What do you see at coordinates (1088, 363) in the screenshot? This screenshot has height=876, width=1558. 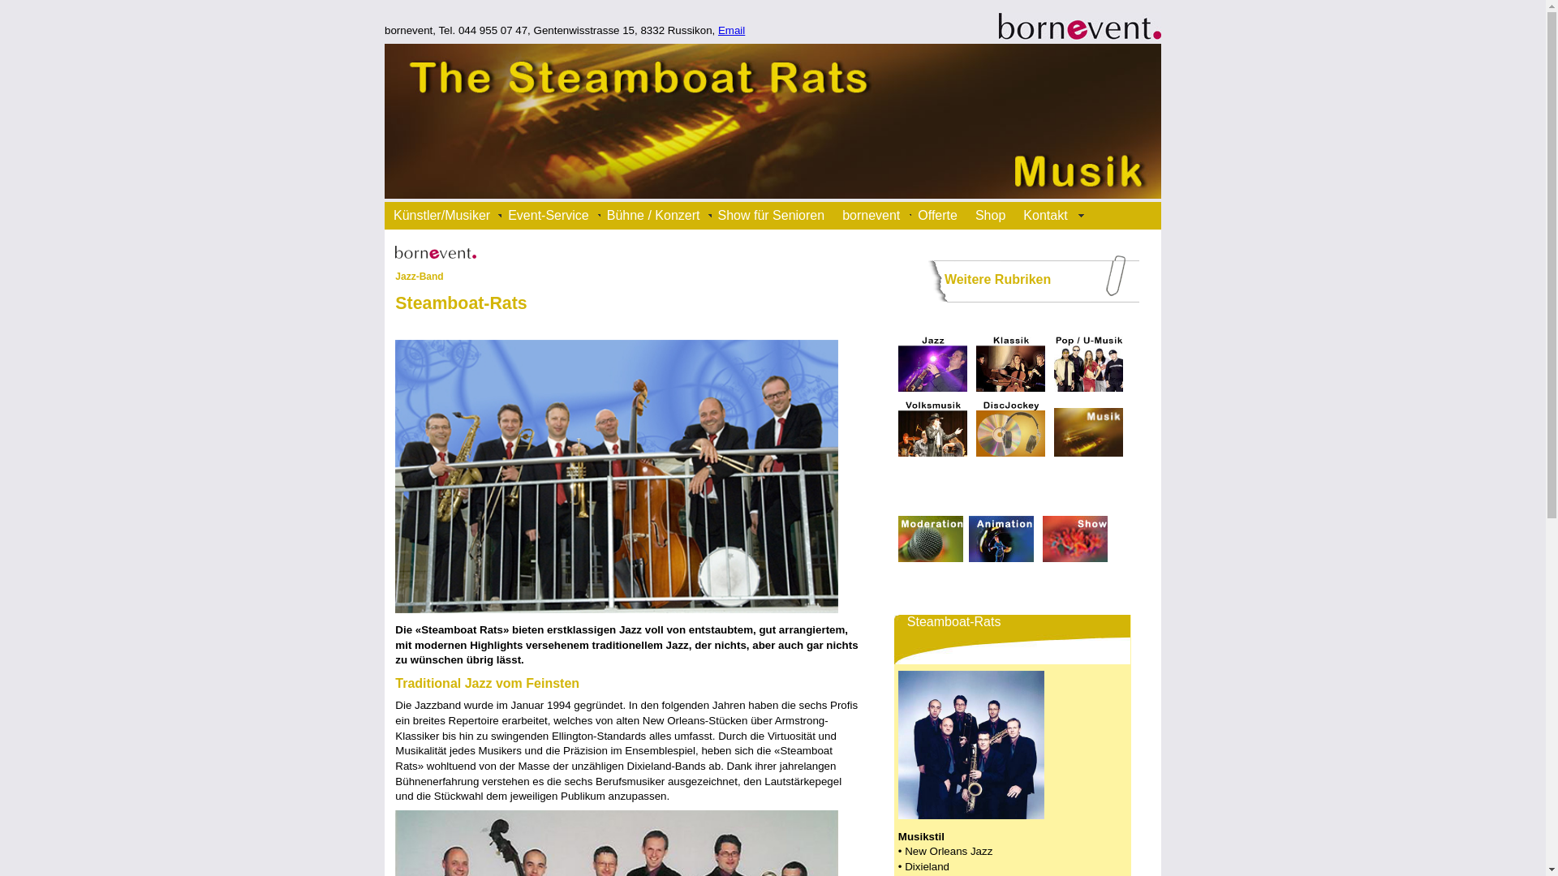 I see `'Pop-Musik - Unterhaltungsmusik'` at bounding box center [1088, 363].